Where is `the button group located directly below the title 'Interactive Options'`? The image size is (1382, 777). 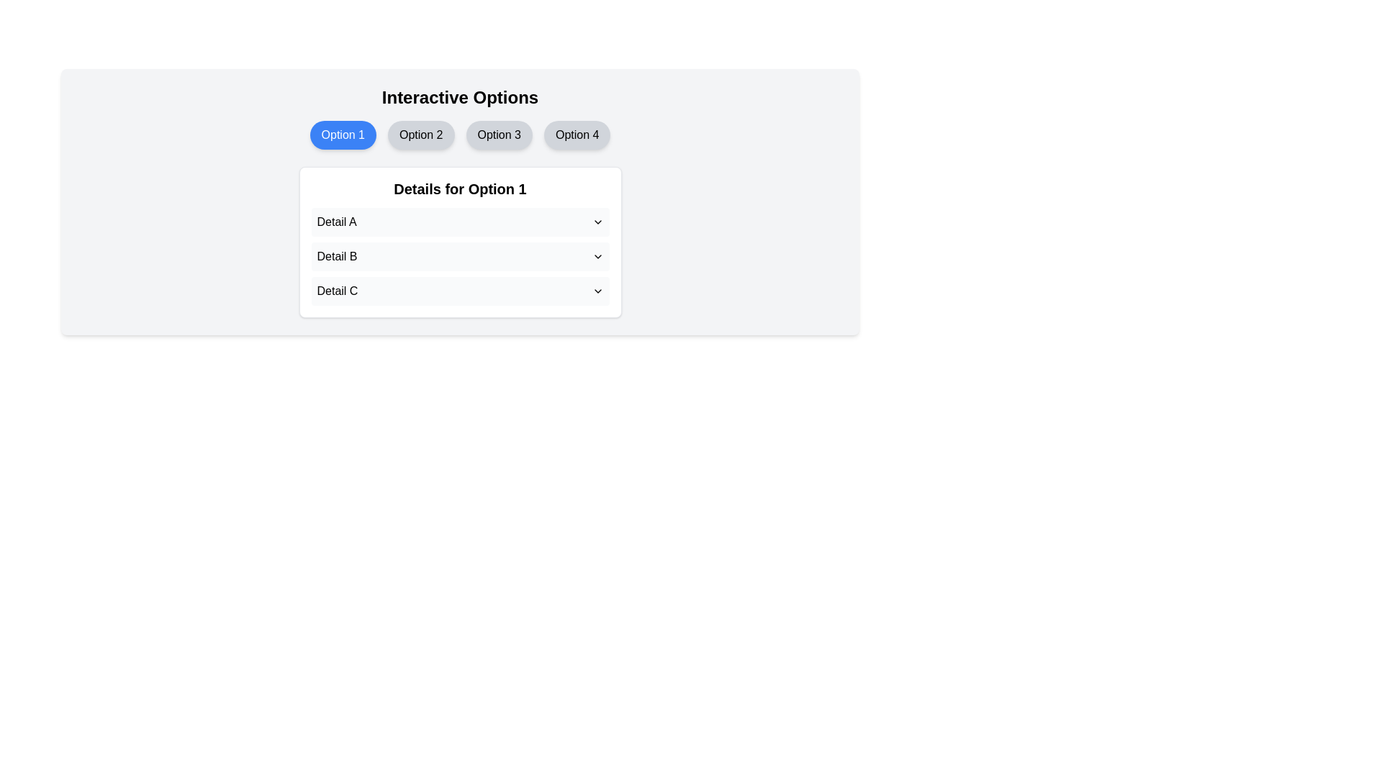 the button group located directly below the title 'Interactive Options' is located at coordinates (459, 135).